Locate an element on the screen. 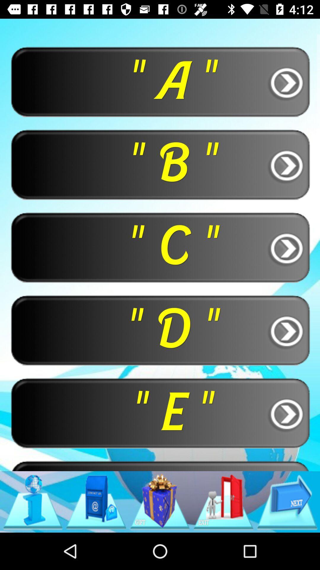  button above   " e " icon is located at coordinates (160, 330).